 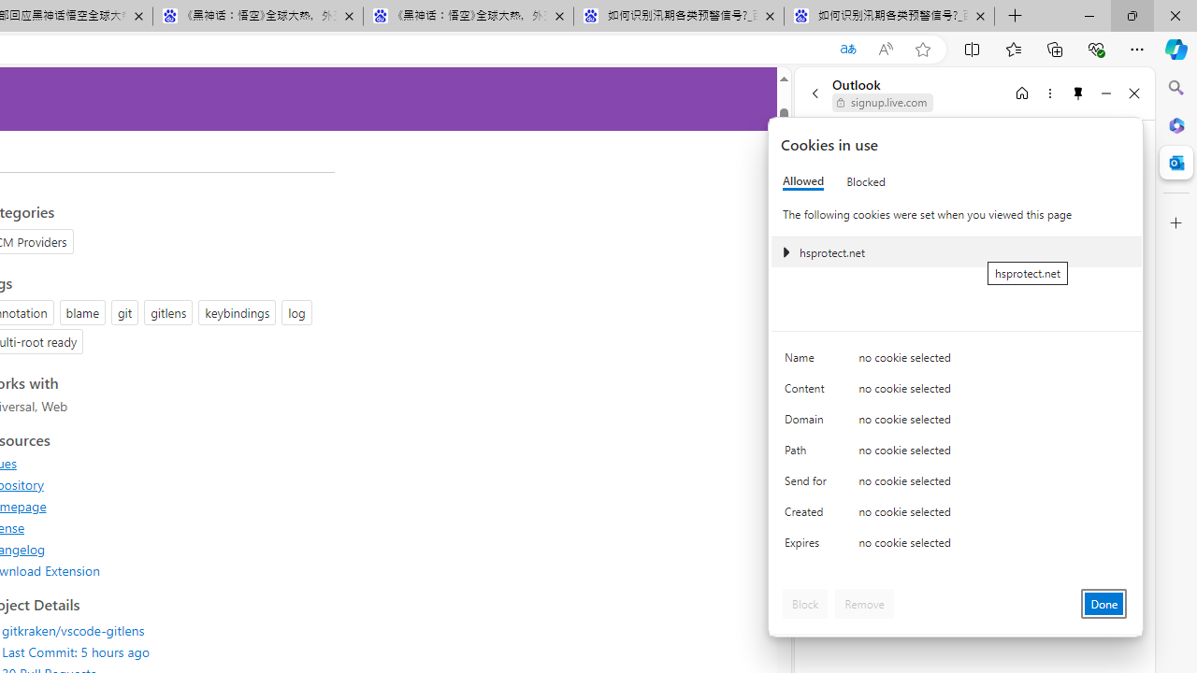 I want to click on 'Name', so click(x=809, y=362).